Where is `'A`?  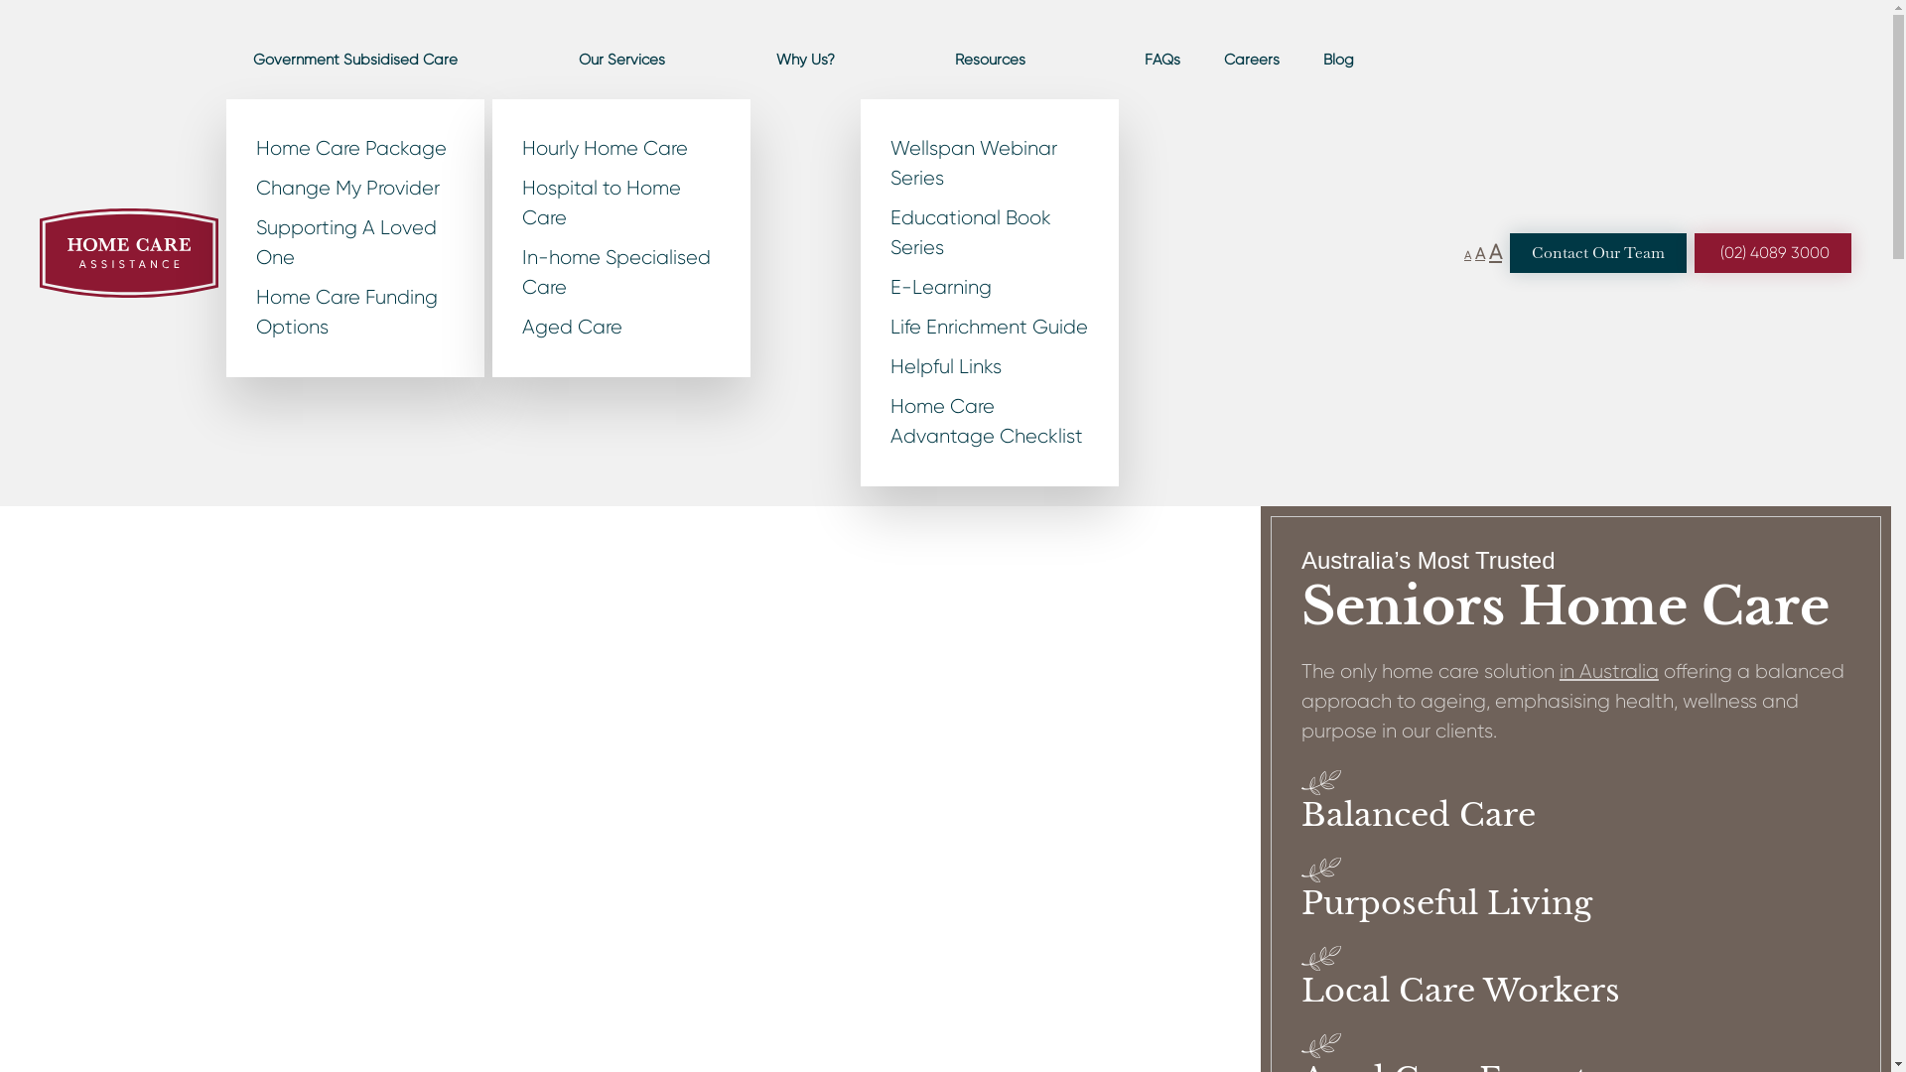 'A is located at coordinates (1475, 252).